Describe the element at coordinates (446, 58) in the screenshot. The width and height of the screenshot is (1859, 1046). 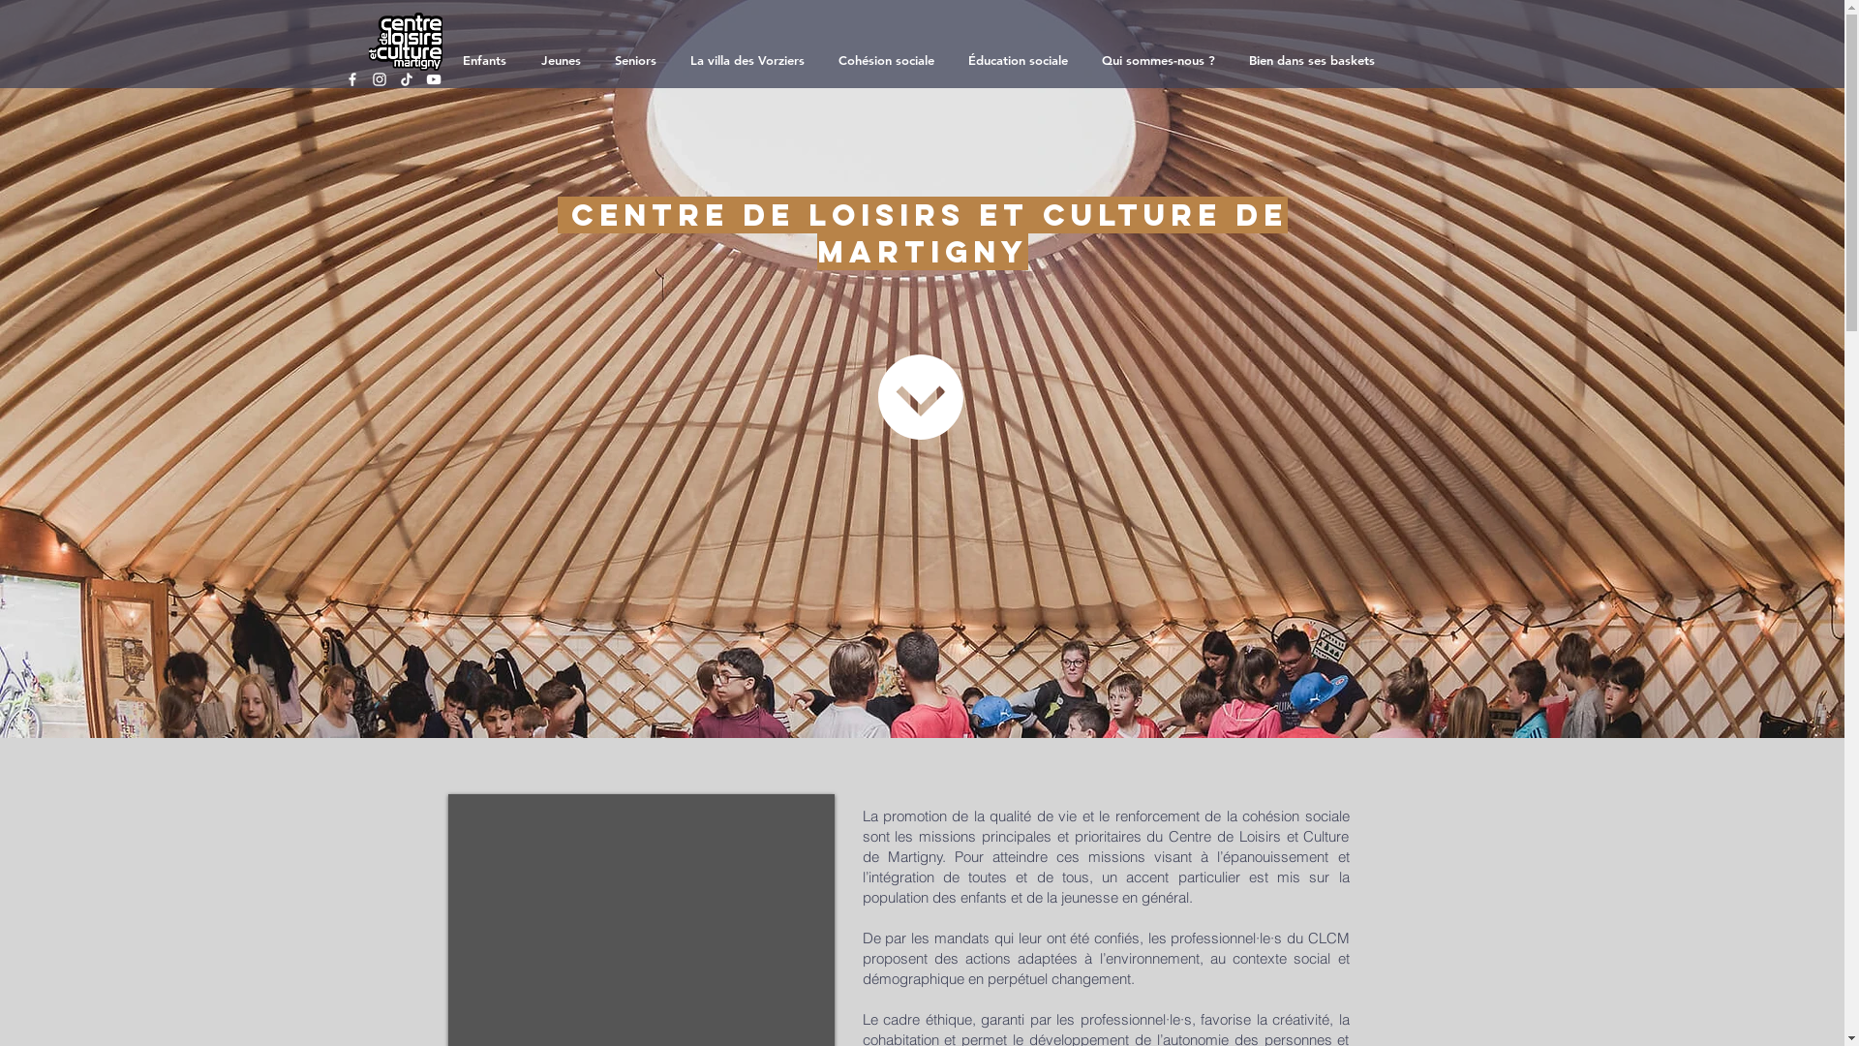
I see `'Enfants'` at that location.